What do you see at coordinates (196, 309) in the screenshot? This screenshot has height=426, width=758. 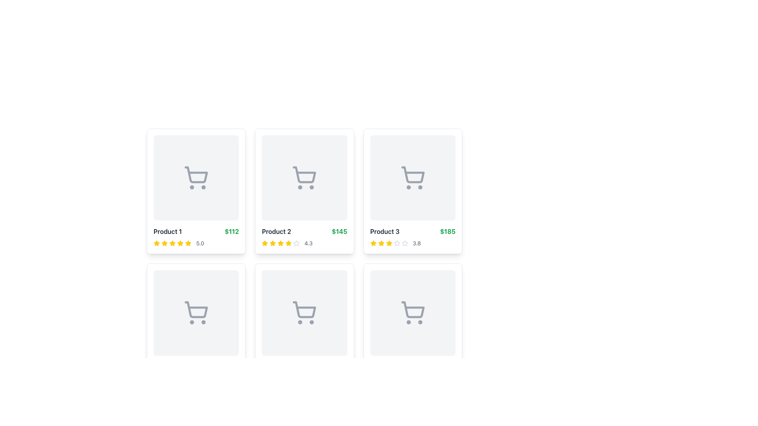 I see `the shopping cart icon located in the second row, first column of the grid layout, which symbolizes adding products or viewing the shopping basket` at bounding box center [196, 309].